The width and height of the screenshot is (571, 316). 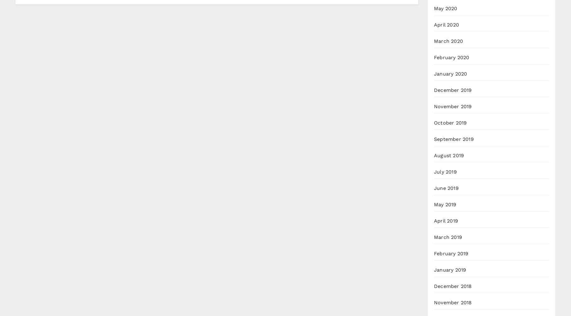 What do you see at coordinates (434, 90) in the screenshot?
I see `'December 2019'` at bounding box center [434, 90].